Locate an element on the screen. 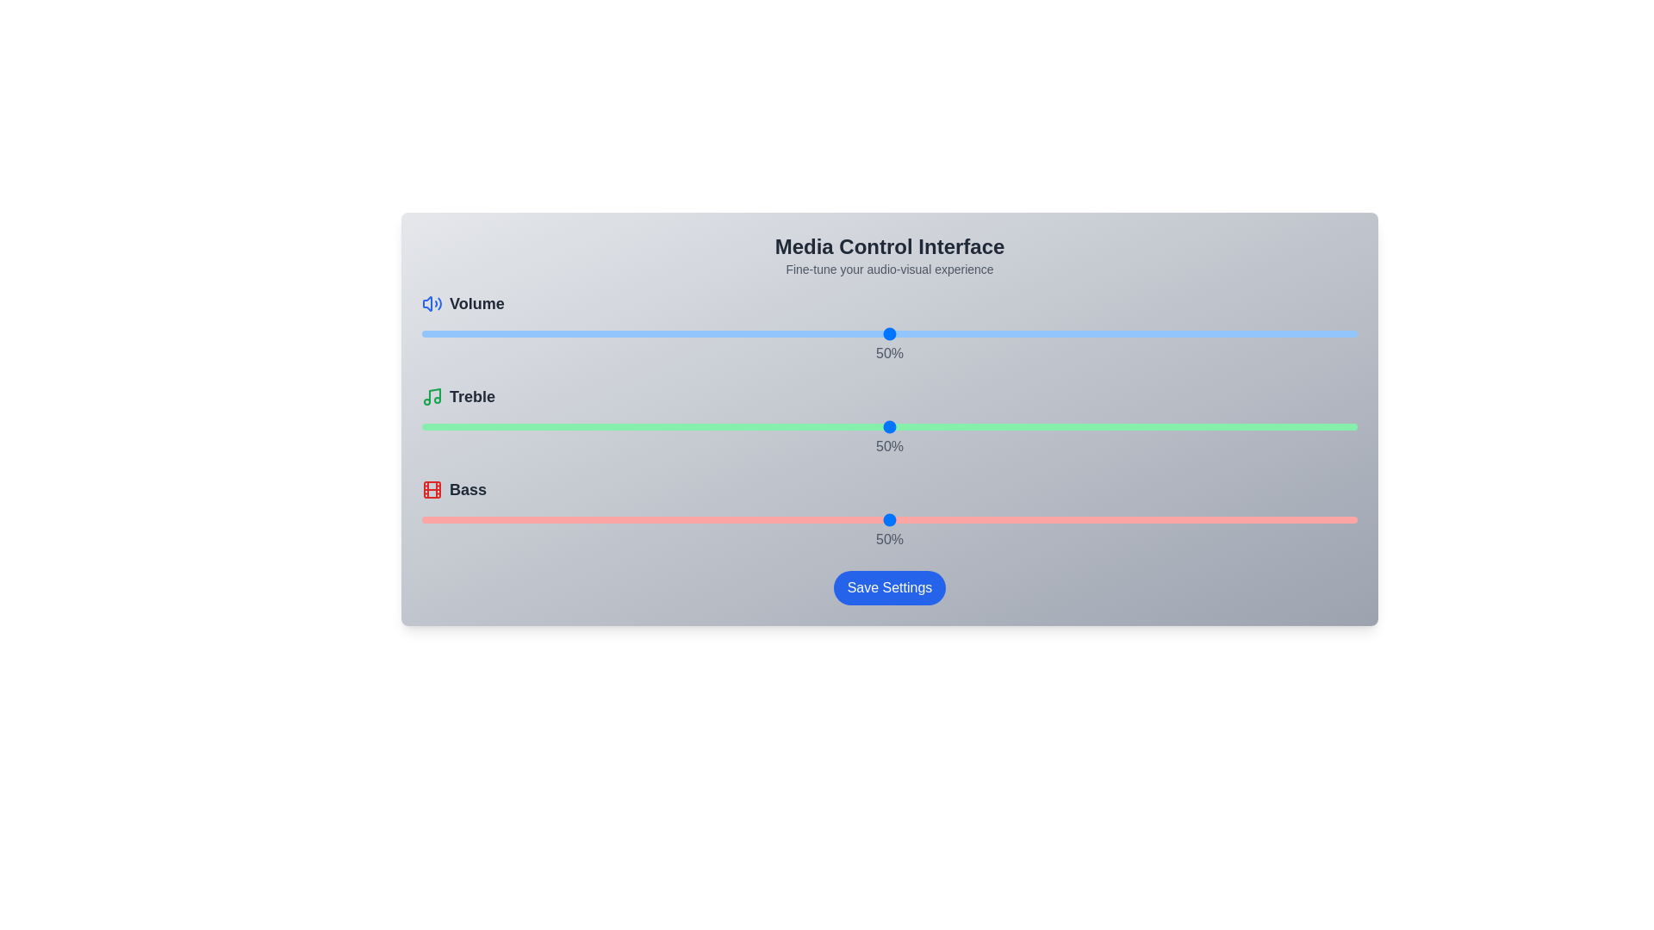  the slider value is located at coordinates (954, 334).